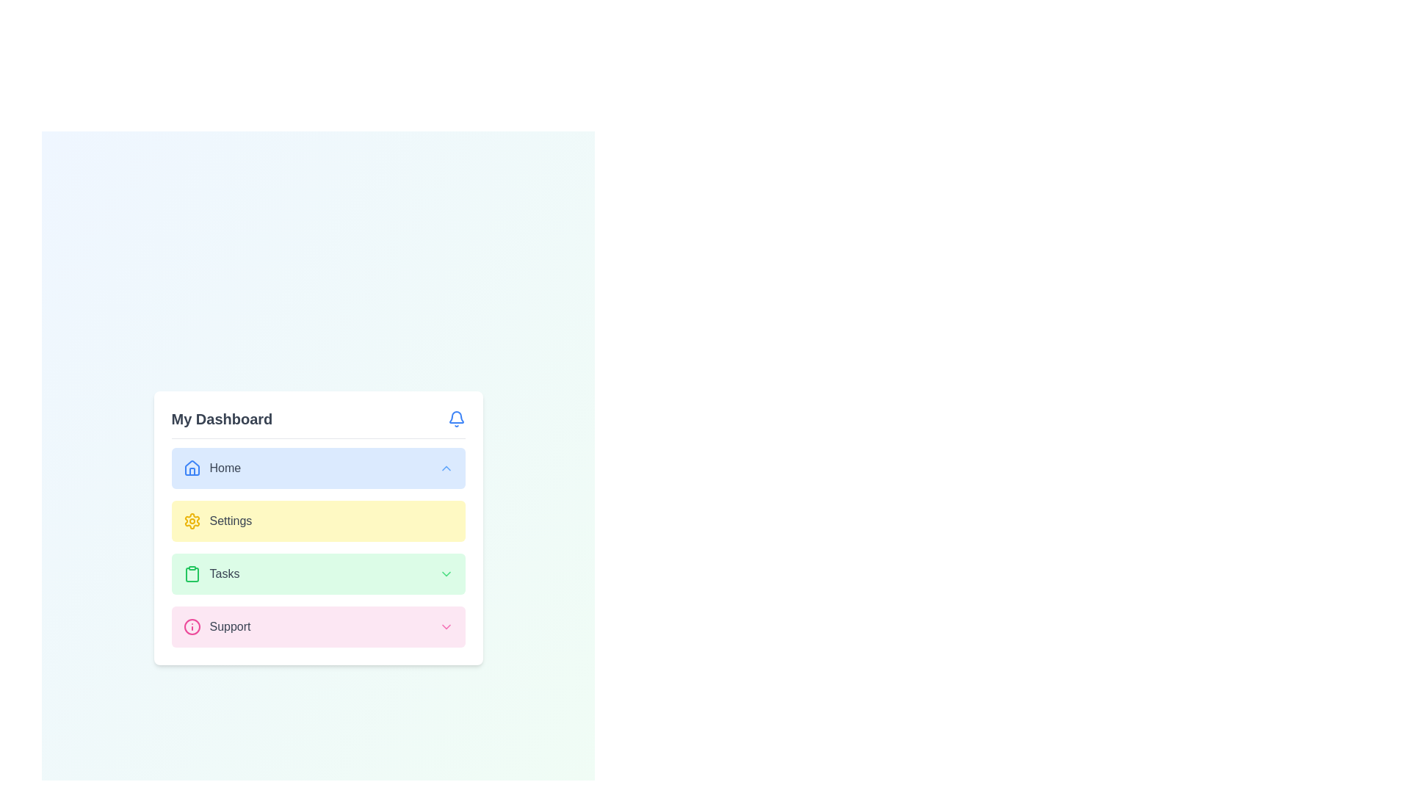 The height and width of the screenshot is (793, 1410). I want to click on the 'Settings' button, which is a rectangular button with a light yellow background, featuring a gear-shaped icon and the word 'Settings' in gray font, located under 'My Dashboard', so click(317, 547).